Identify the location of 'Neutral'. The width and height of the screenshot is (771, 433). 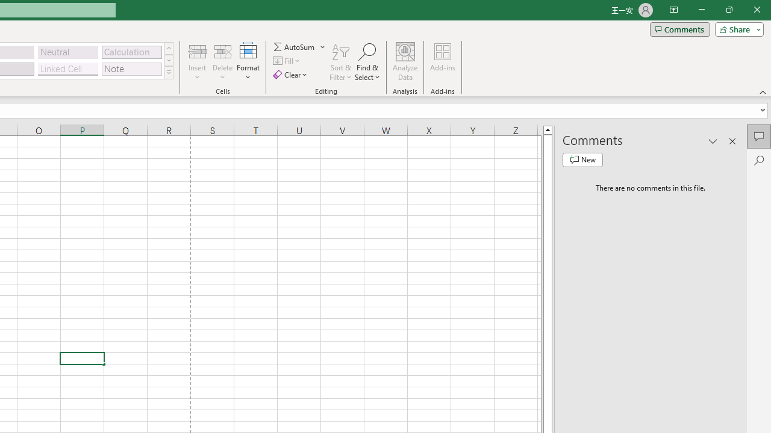
(67, 51).